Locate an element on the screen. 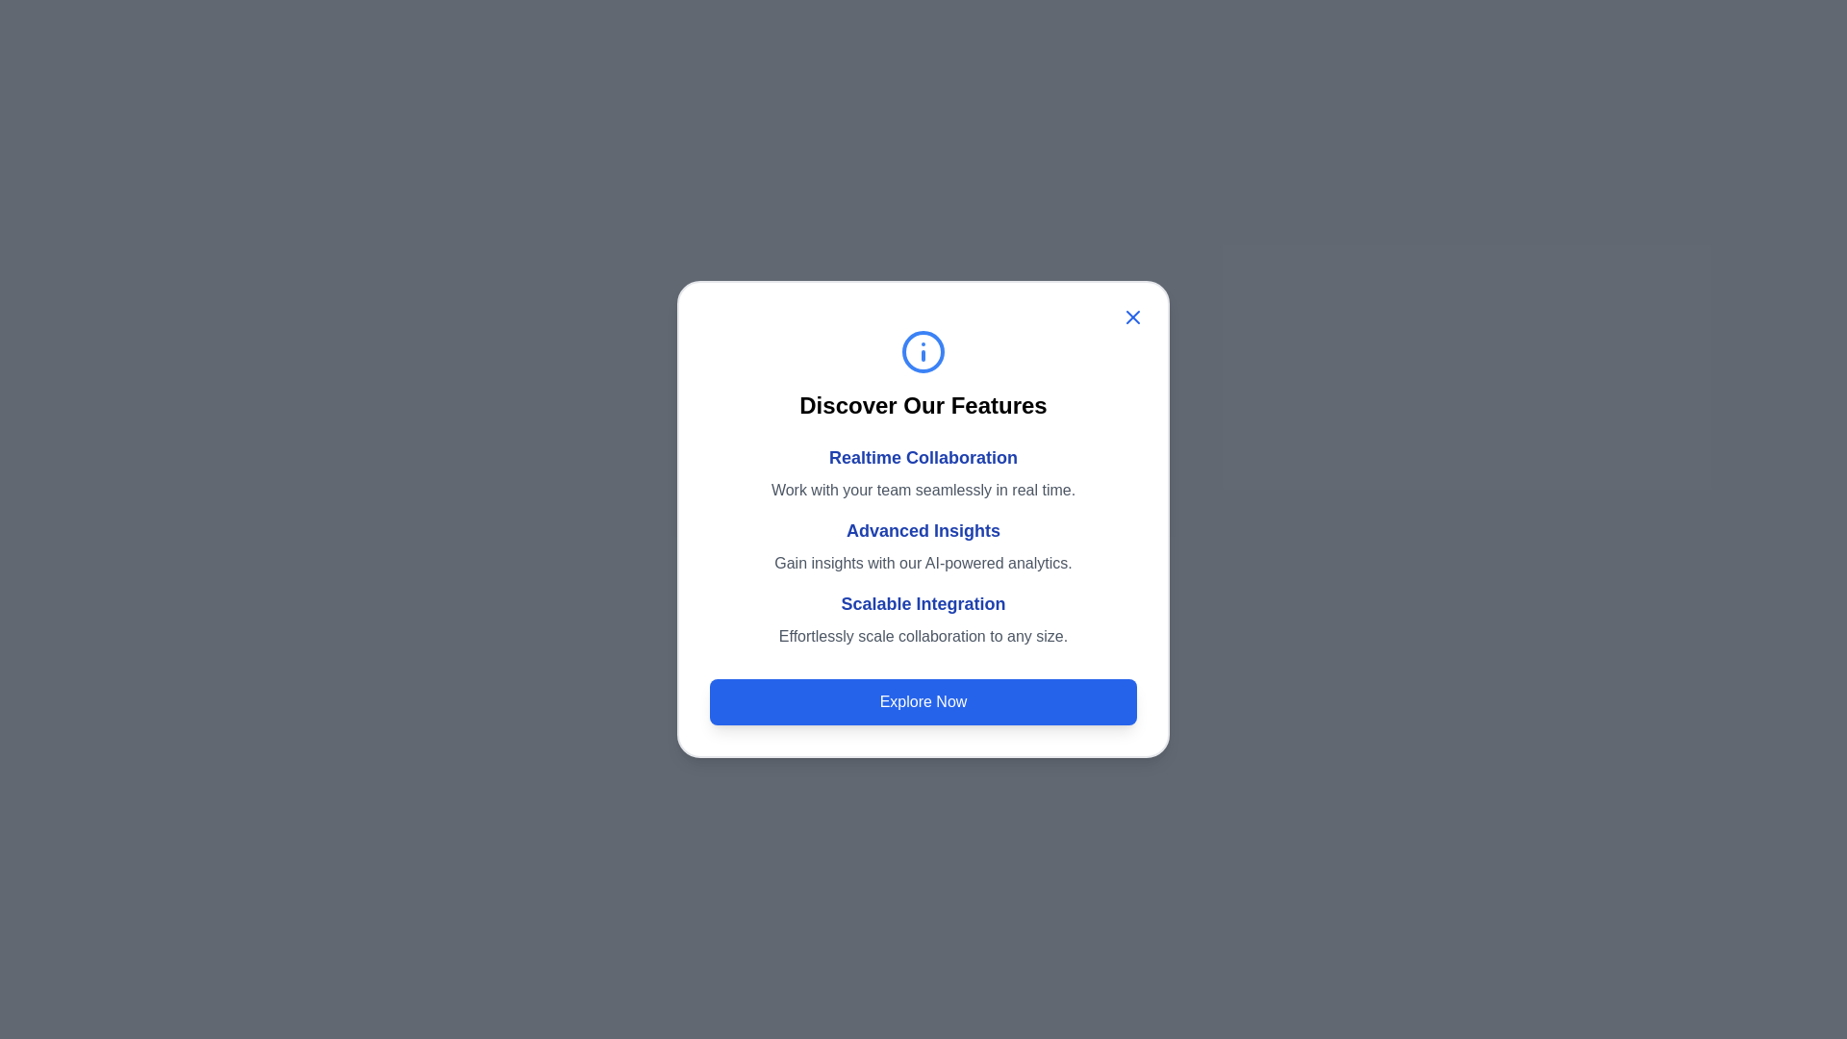 The width and height of the screenshot is (1847, 1039). heading text element located centrally below the information icon, which serves as a title for the section describing platform features is located at coordinates (923, 404).